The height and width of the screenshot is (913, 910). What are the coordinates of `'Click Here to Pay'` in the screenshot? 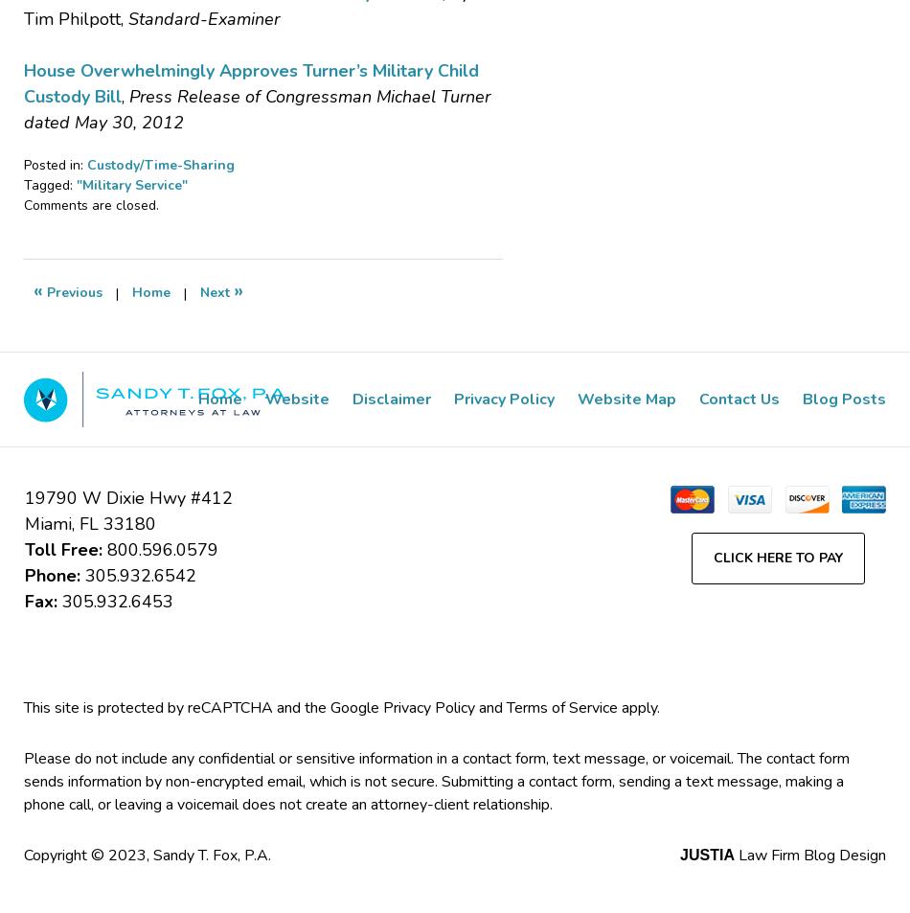 It's located at (777, 558).